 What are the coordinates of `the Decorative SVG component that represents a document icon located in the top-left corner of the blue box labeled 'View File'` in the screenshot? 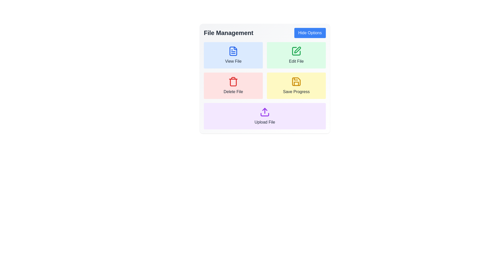 It's located at (235, 48).